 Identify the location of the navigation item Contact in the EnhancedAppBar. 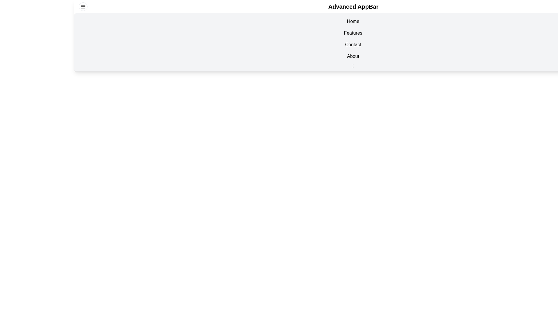
(353, 44).